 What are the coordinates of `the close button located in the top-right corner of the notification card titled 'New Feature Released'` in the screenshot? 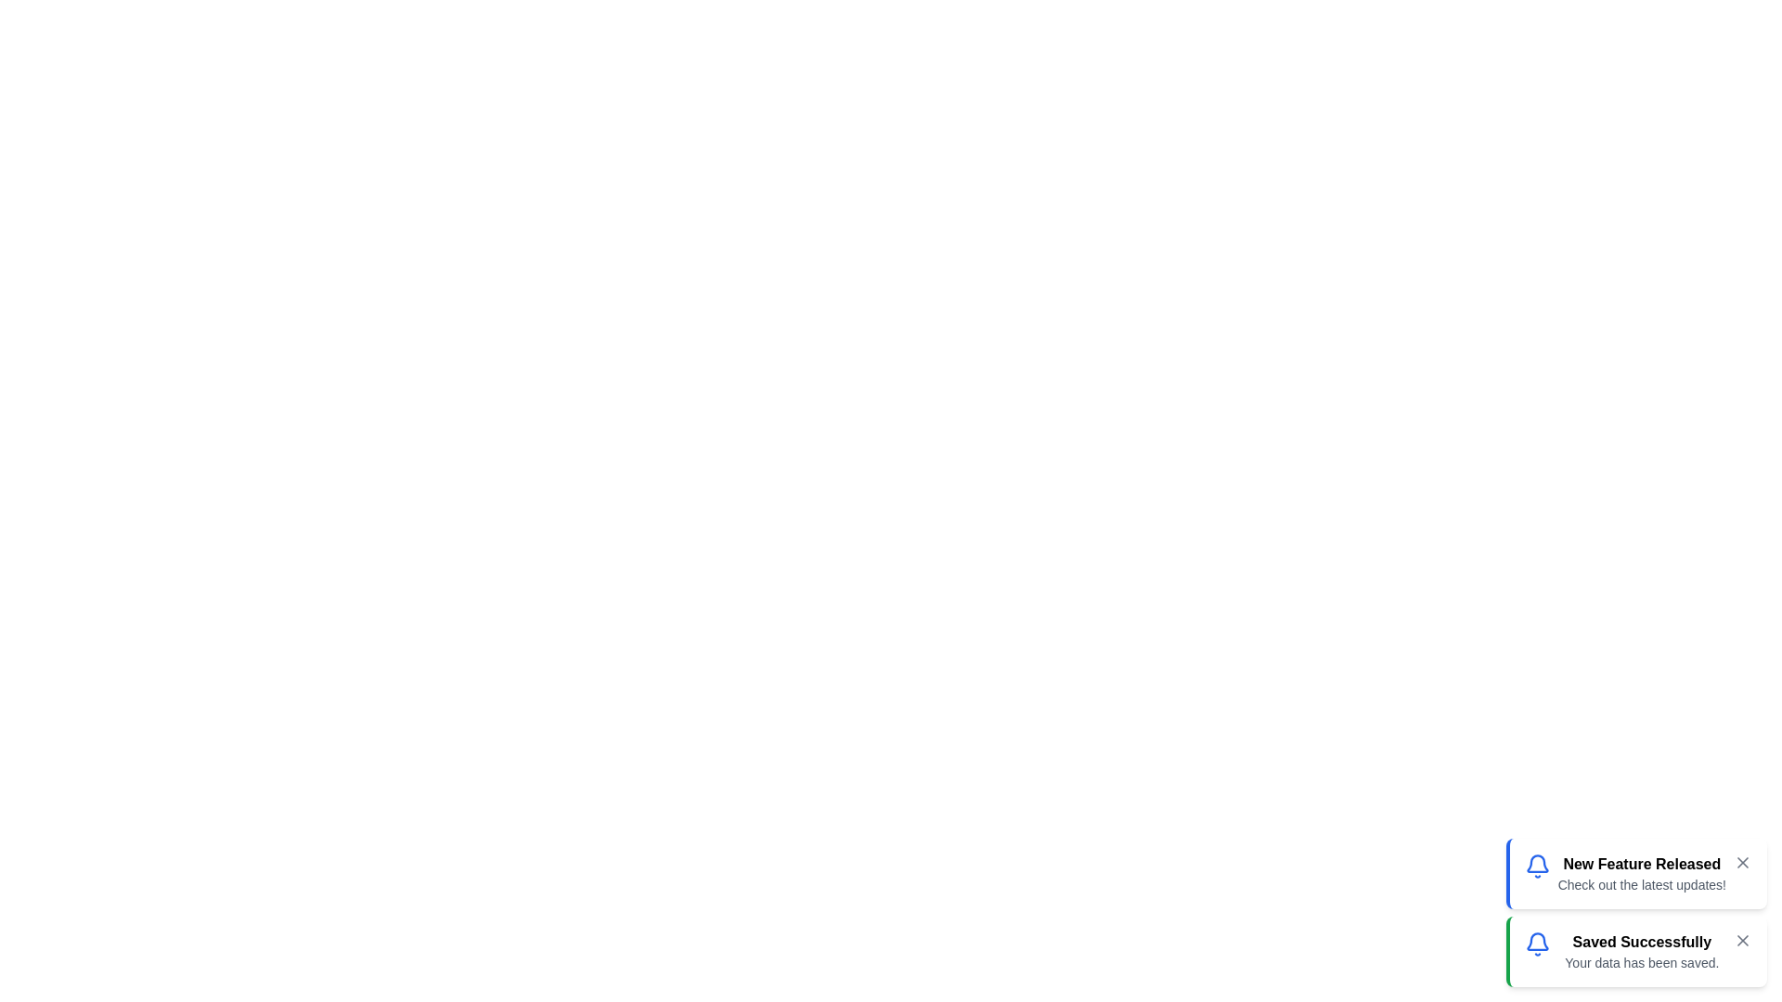 It's located at (1741, 862).